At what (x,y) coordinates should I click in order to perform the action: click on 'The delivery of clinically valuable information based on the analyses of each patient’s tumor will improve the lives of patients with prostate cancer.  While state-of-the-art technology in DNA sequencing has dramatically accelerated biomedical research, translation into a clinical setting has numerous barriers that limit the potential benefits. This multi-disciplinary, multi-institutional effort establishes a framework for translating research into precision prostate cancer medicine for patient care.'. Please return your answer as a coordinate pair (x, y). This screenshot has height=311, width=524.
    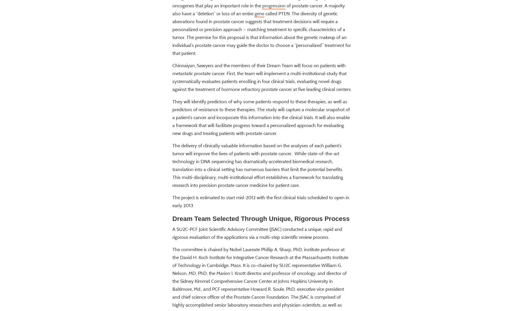
    Looking at the image, I should click on (257, 182).